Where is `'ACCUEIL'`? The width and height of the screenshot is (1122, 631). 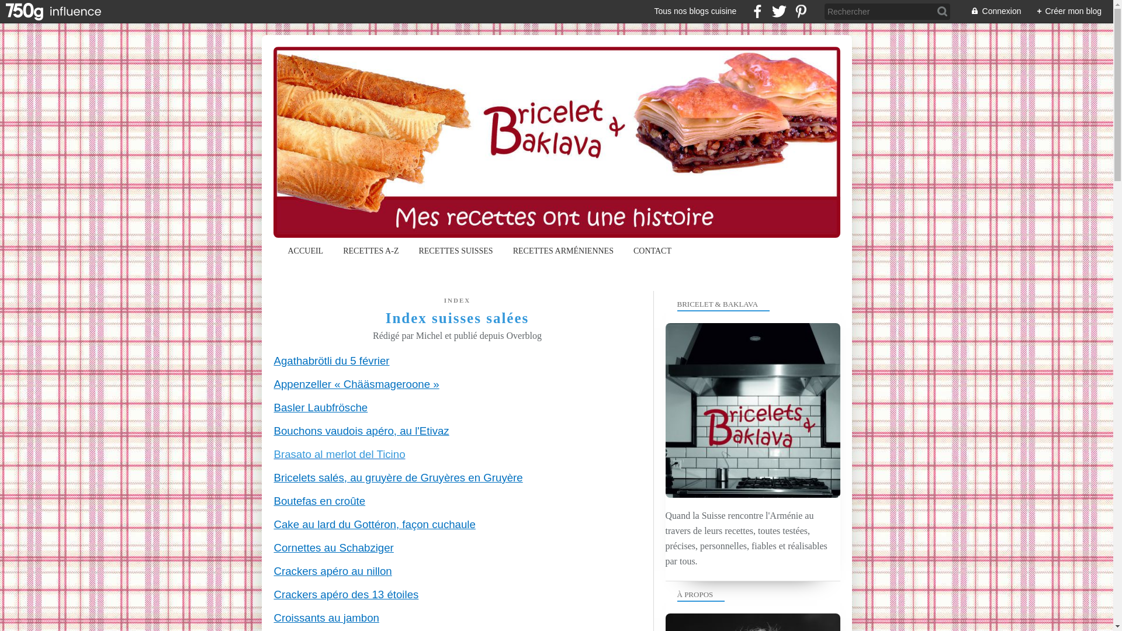
'ACCUEIL' is located at coordinates (306, 250).